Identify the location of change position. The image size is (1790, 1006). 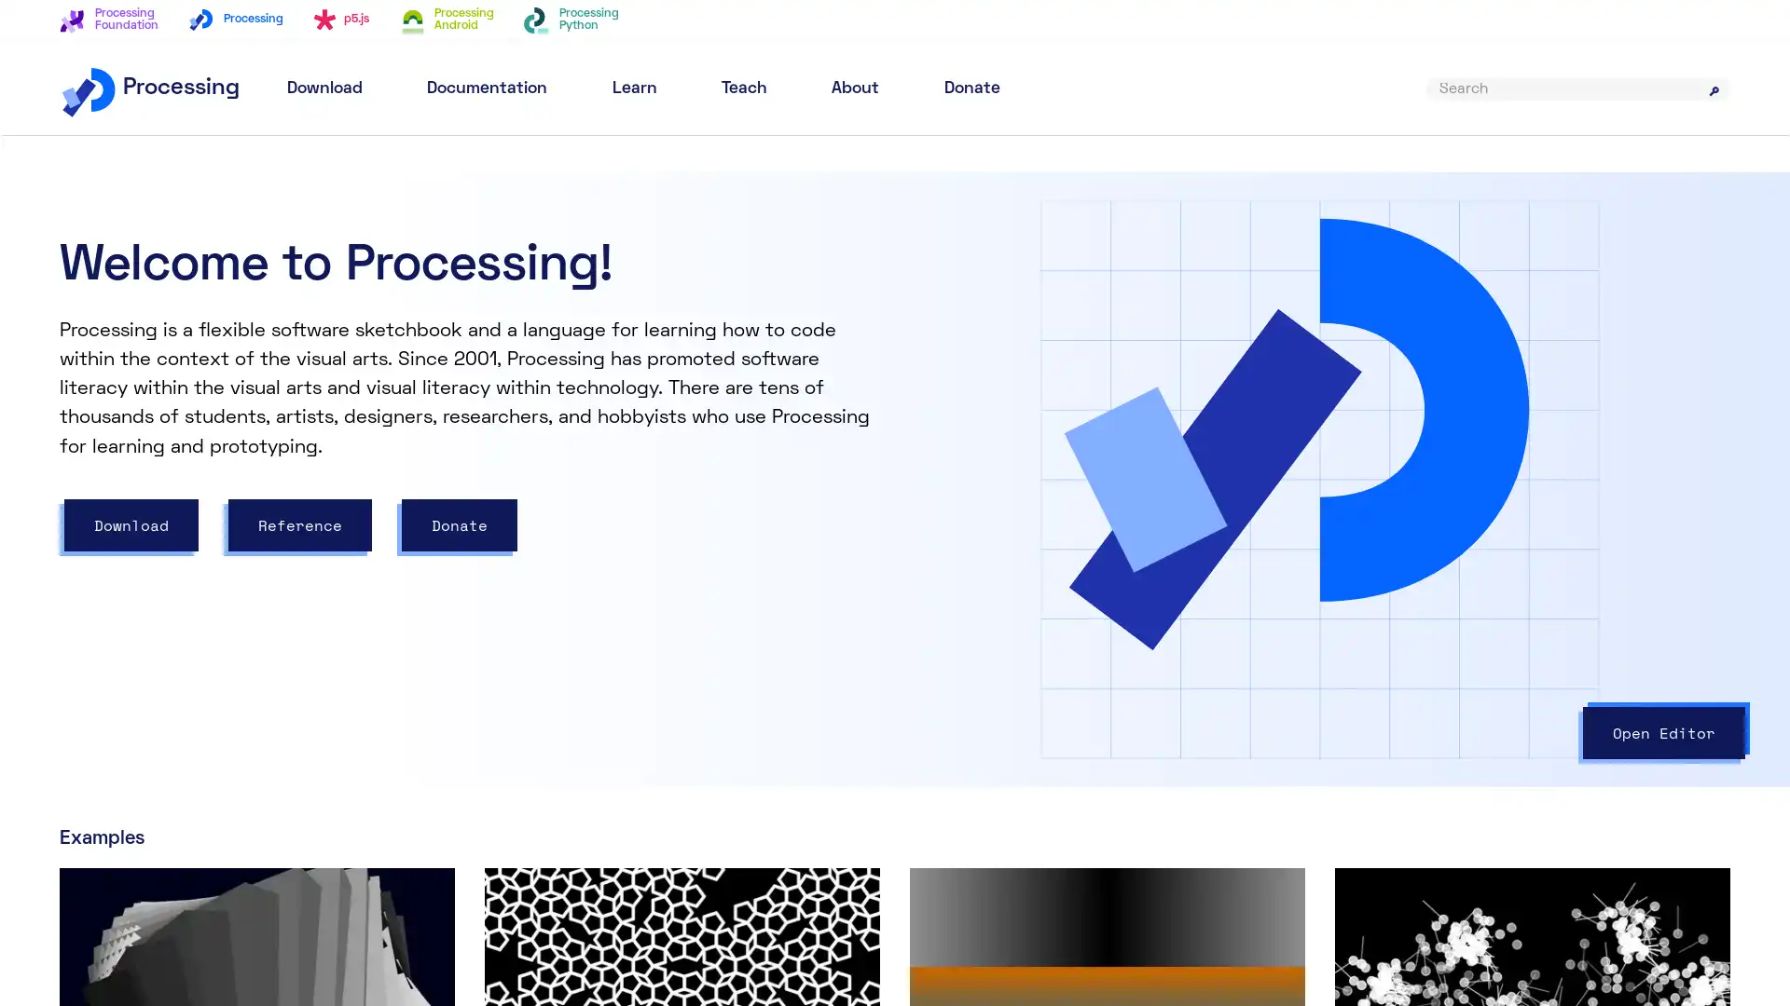
(1112, 638).